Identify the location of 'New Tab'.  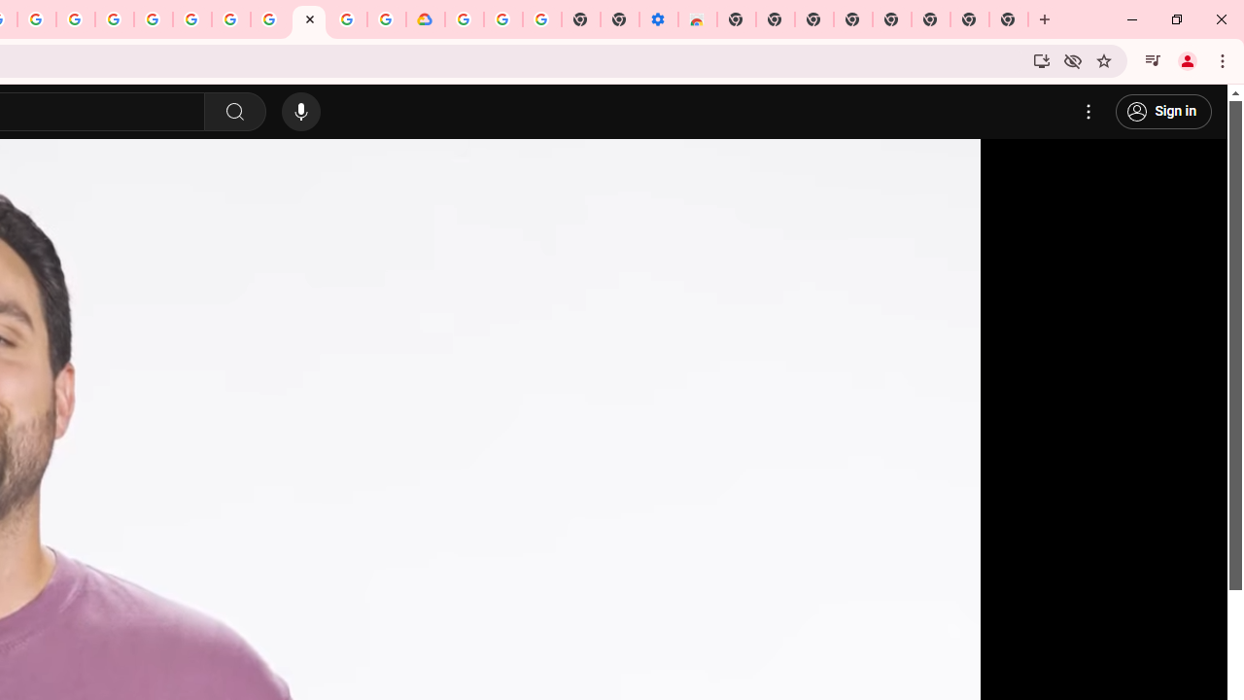
(1009, 19).